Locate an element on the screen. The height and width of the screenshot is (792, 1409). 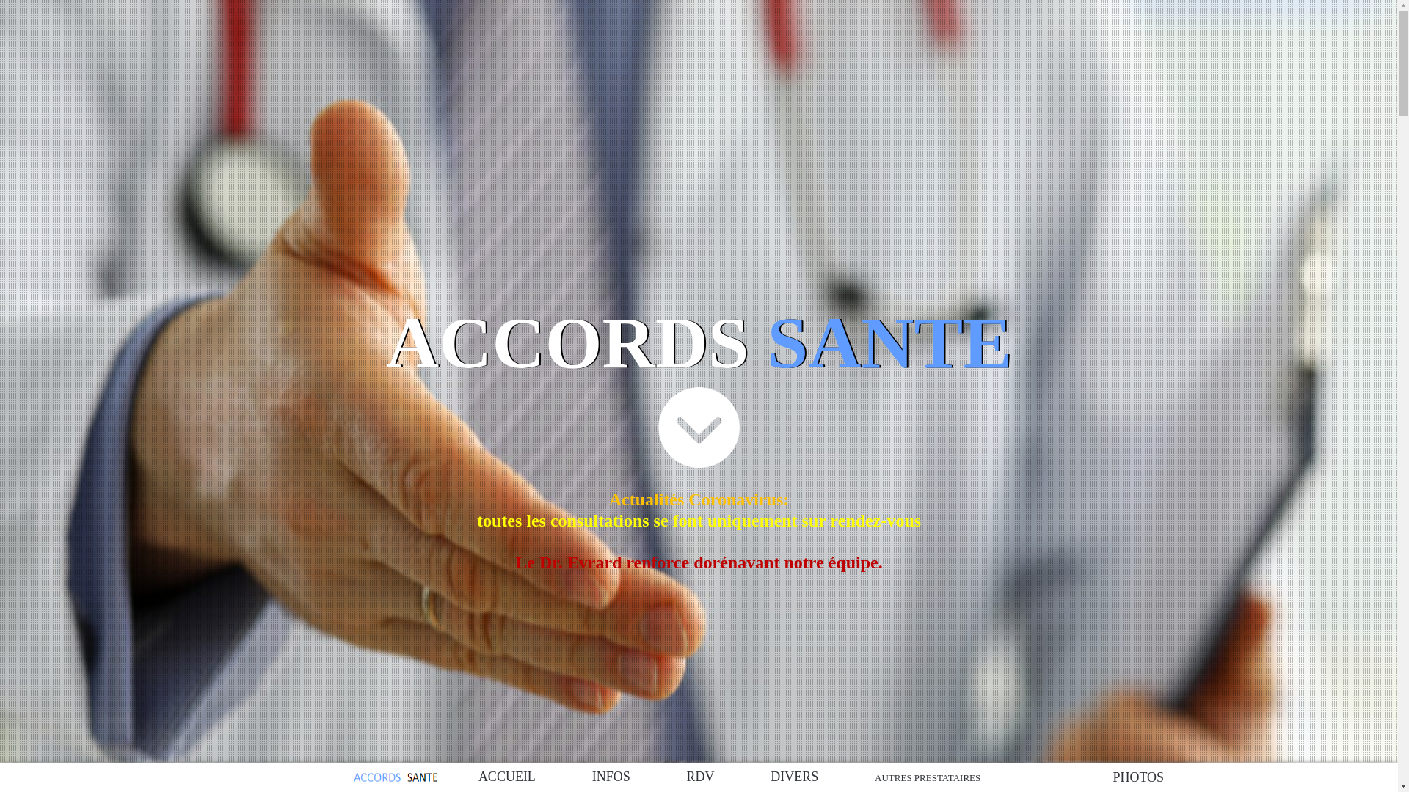
'DIVERS' is located at coordinates (793, 777).